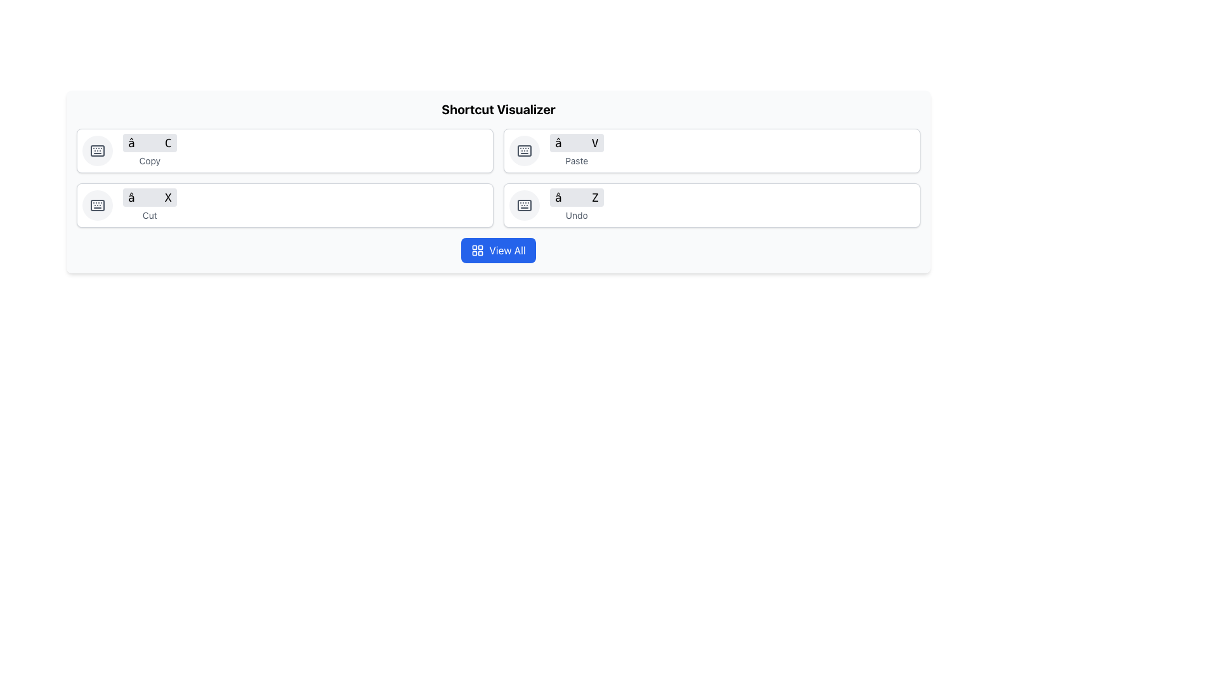  What do you see at coordinates (712, 205) in the screenshot?
I see `the undo button, which is the fourth button in a grid layout for shortcut actions, located in the second row, second column` at bounding box center [712, 205].